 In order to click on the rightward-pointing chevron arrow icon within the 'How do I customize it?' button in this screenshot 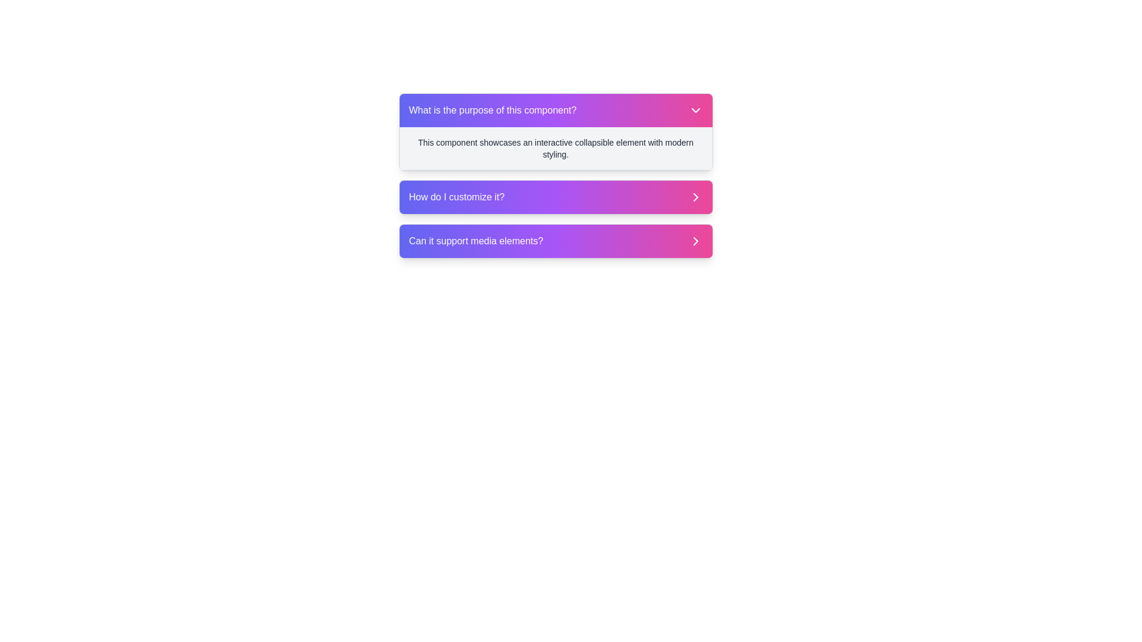, I will do `click(695, 196)`.